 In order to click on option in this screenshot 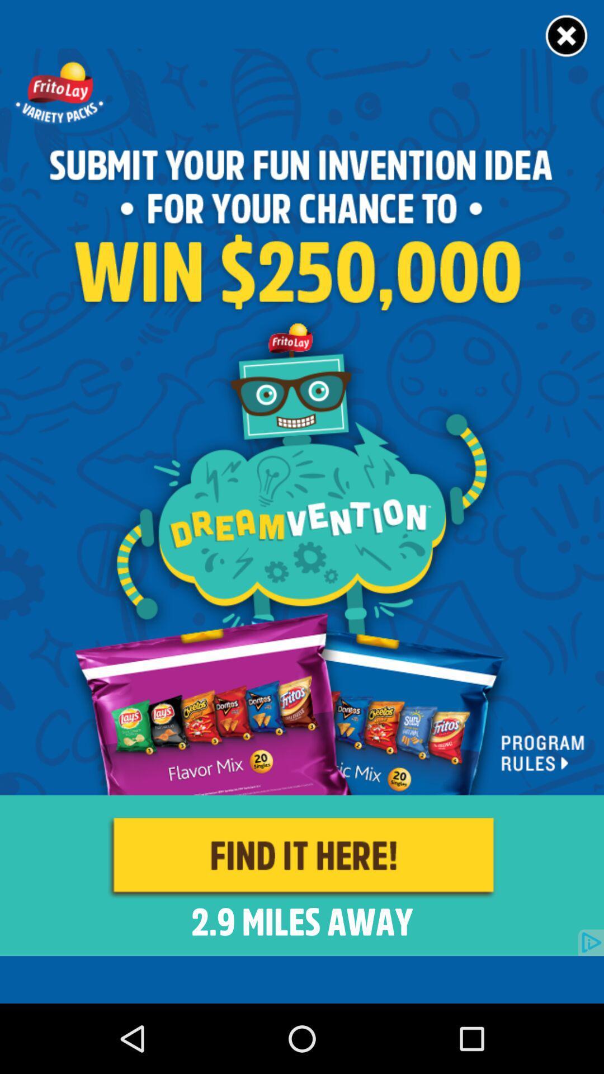, I will do `click(567, 36)`.